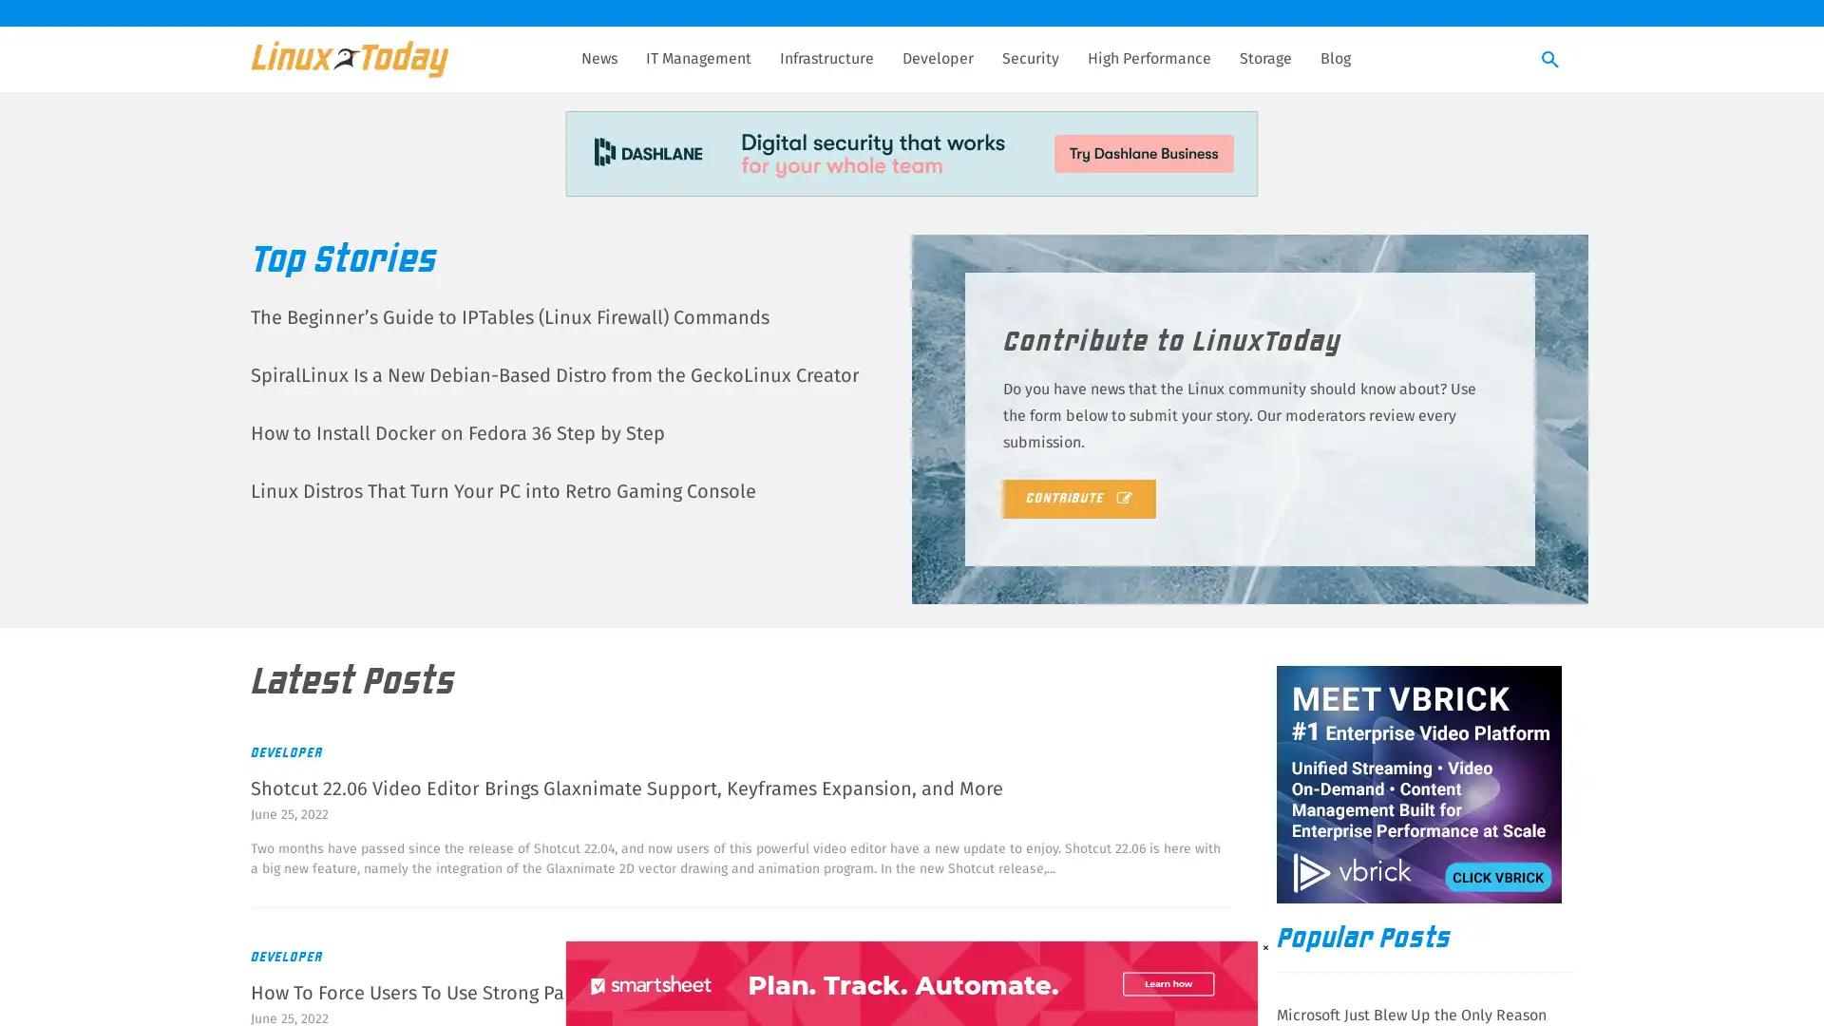 Image resolution: width=1824 pixels, height=1026 pixels. Describe the element at coordinates (1550, 60) in the screenshot. I see `Search` at that location.